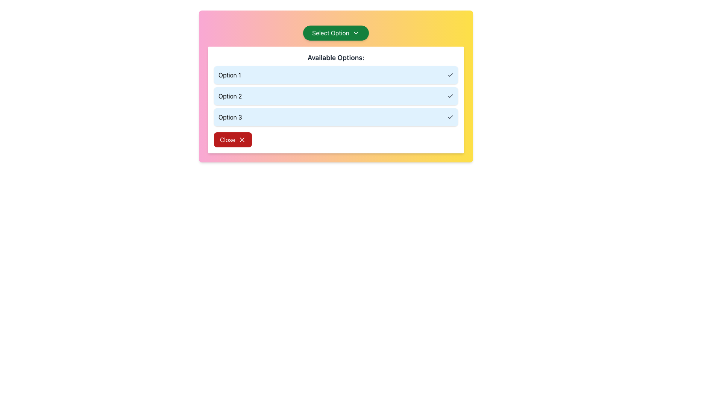 The width and height of the screenshot is (722, 406). Describe the element at coordinates (450, 117) in the screenshot. I see `the visual feedback of the checkmark icon indicating that 'Option 3' is selected, located at the rightmost area of the third row` at that location.